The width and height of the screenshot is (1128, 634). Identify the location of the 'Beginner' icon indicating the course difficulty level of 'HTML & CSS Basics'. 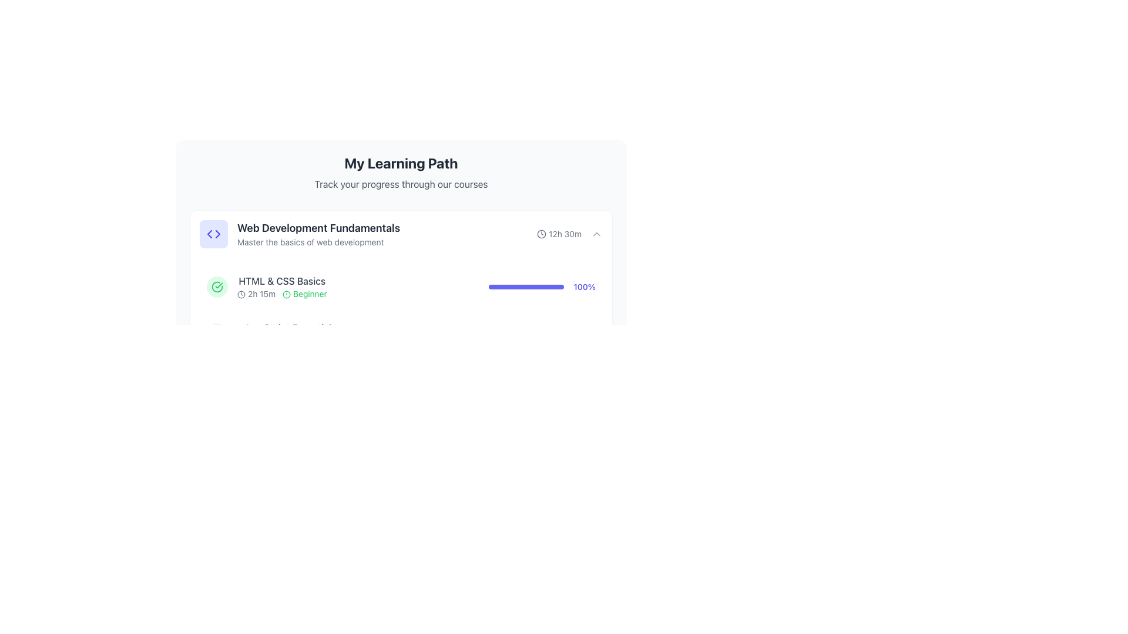
(287, 294).